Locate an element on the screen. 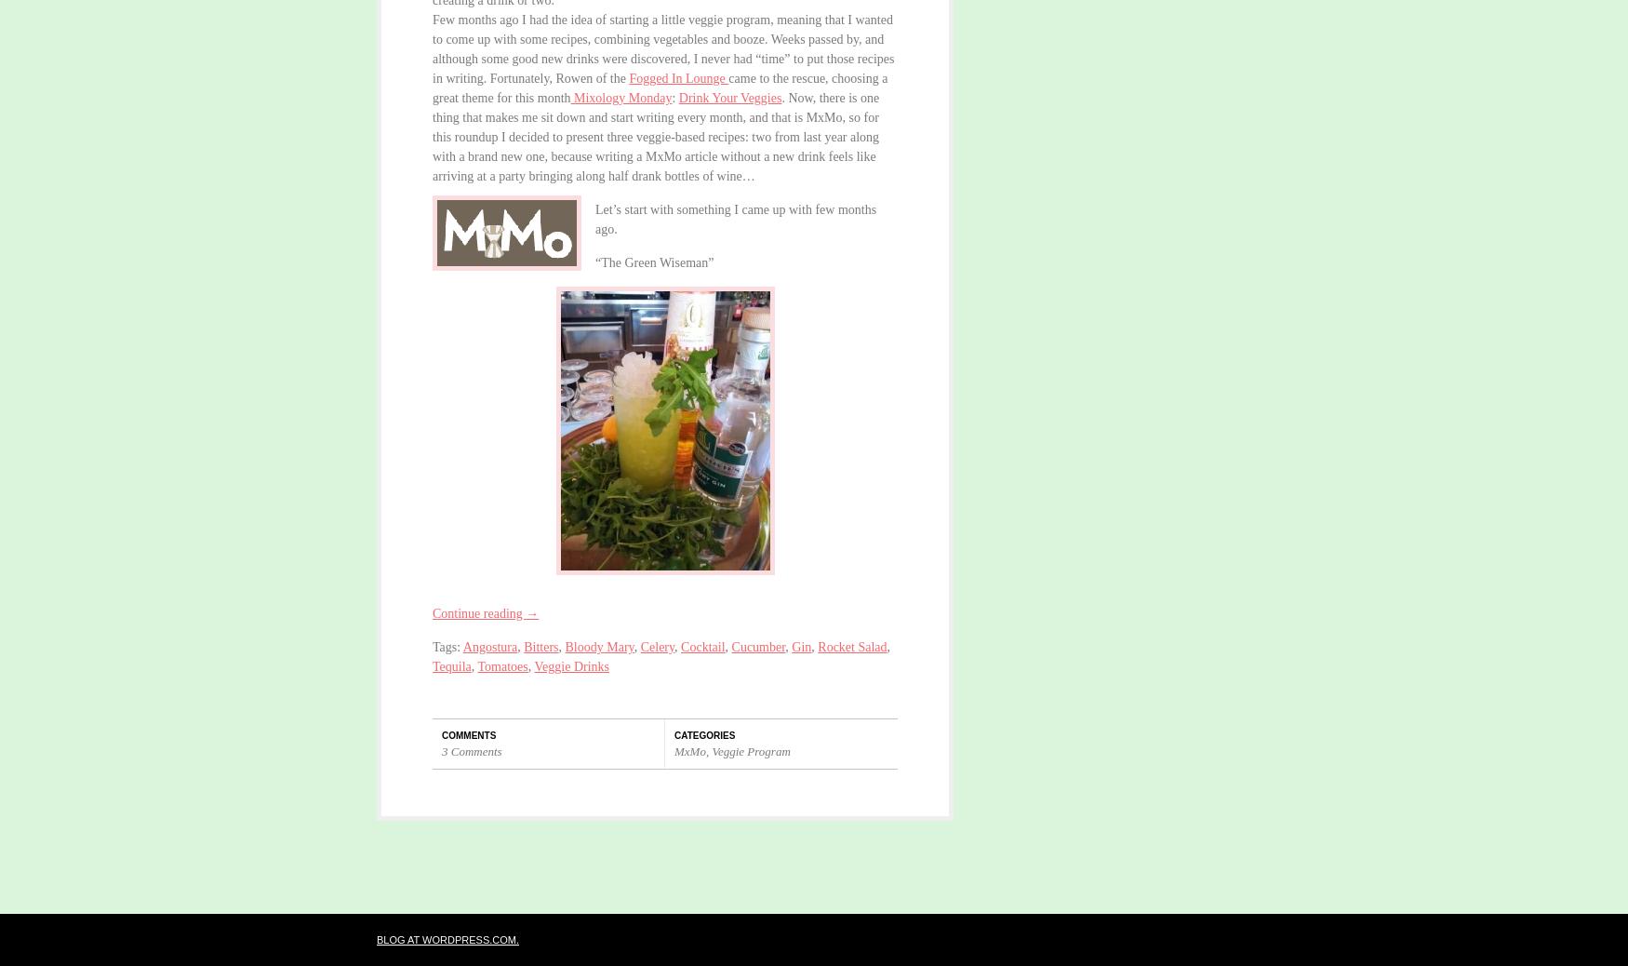  '“The Green Wiseman”' is located at coordinates (594, 262).